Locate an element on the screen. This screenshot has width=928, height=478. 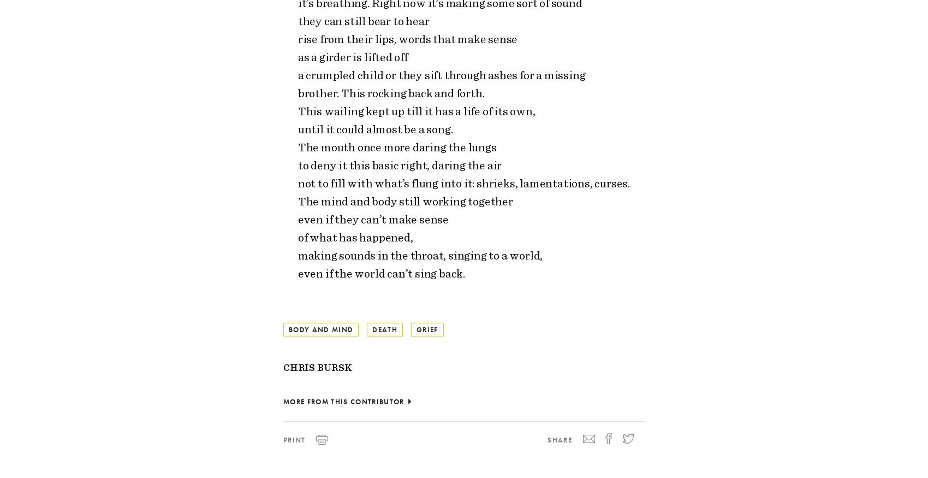
'Share' is located at coordinates (559, 439).